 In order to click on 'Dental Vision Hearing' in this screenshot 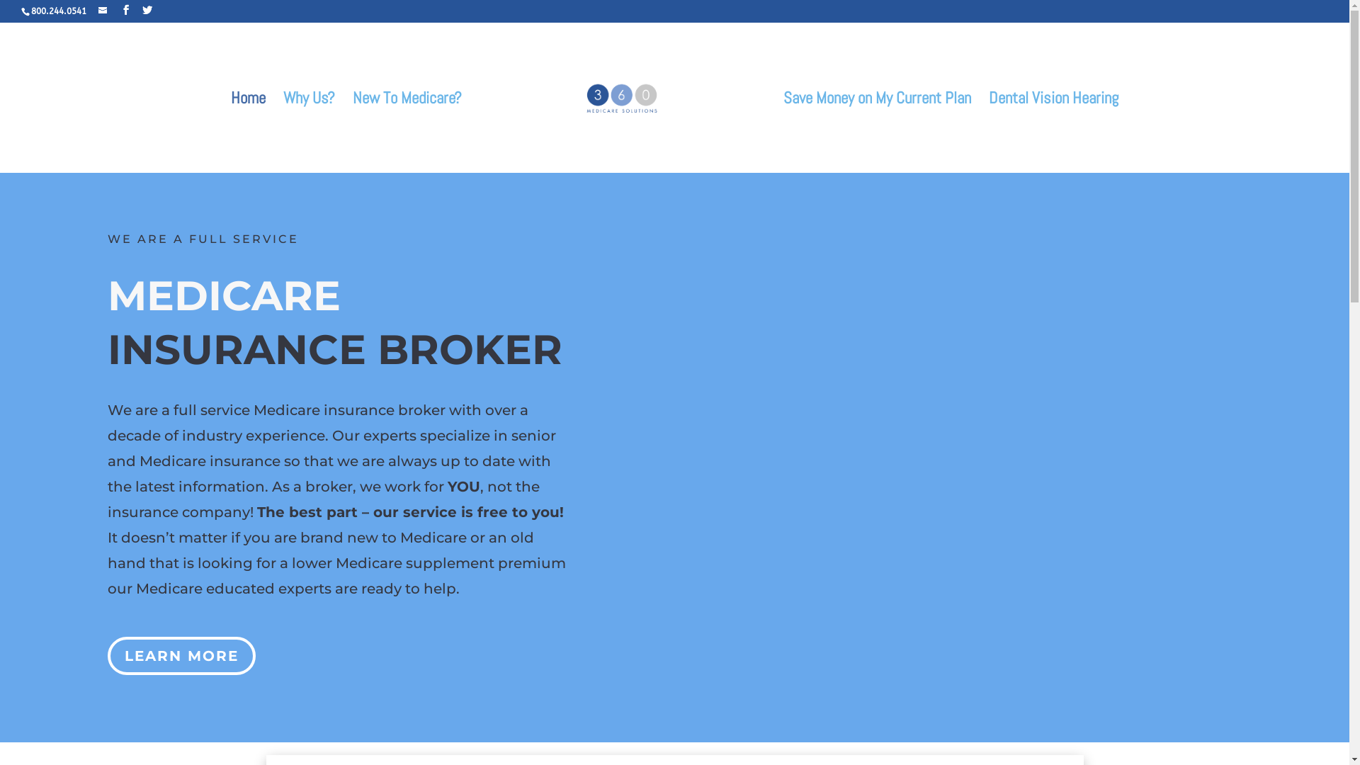, I will do `click(1053, 132)`.